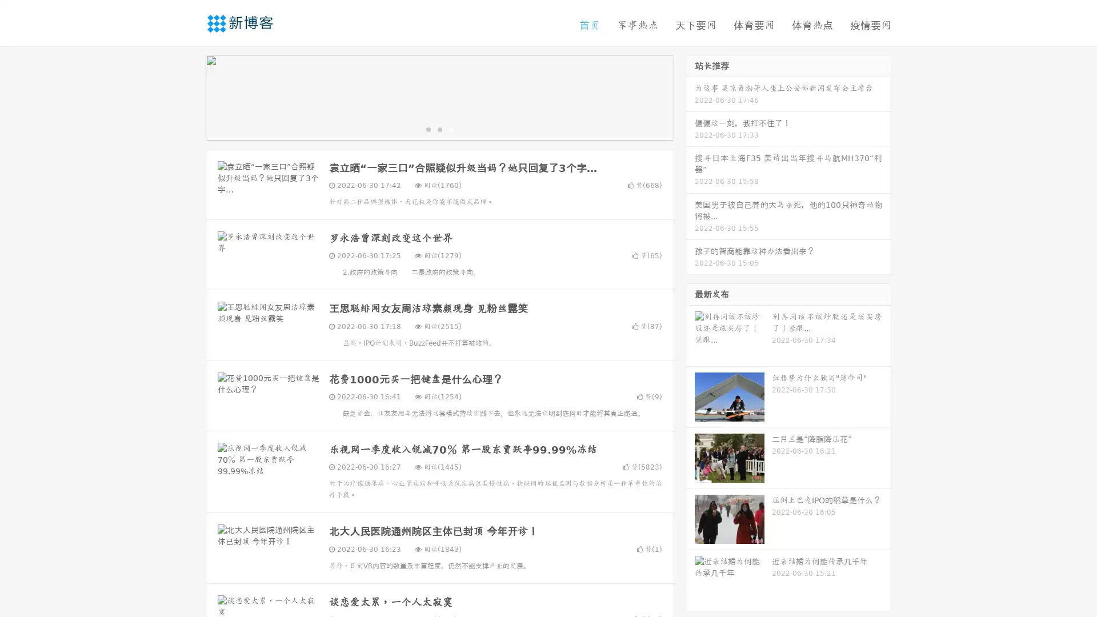  Describe the element at coordinates (690, 96) in the screenshot. I see `Next slide` at that location.